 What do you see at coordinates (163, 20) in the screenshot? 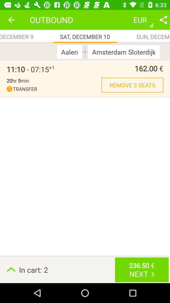
I see `share ticket` at bounding box center [163, 20].